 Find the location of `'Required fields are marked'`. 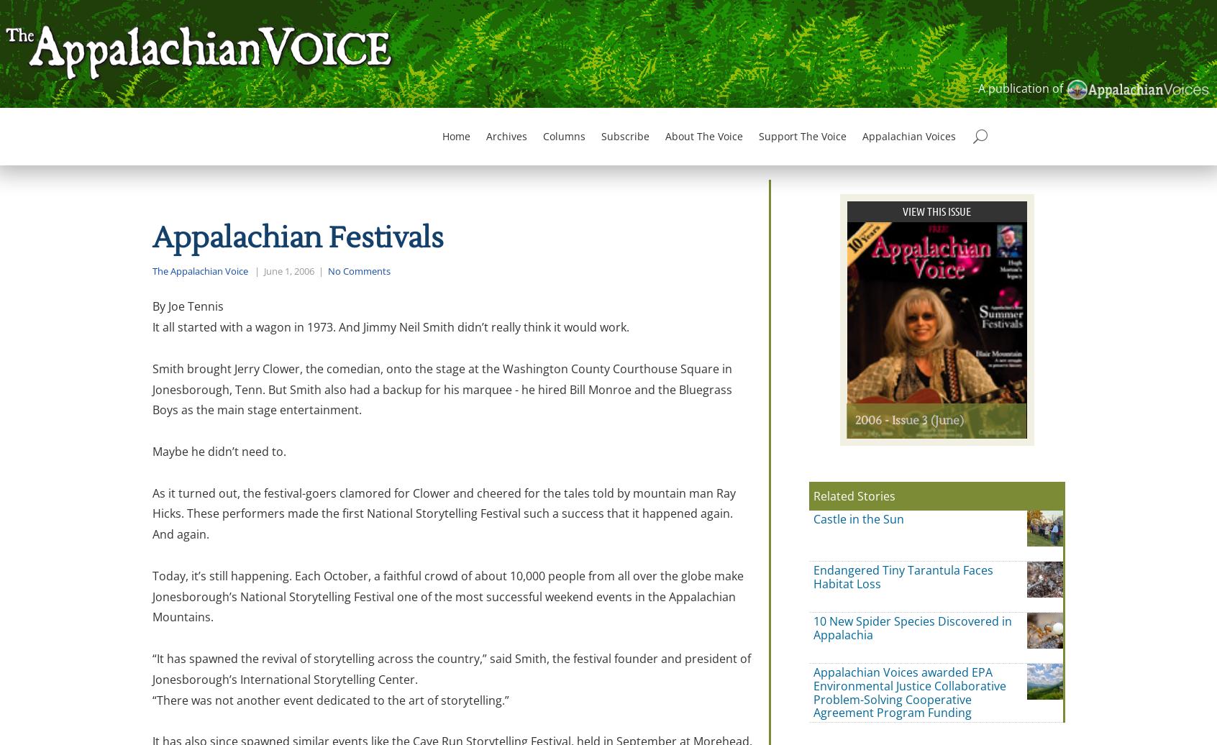

'Required fields are marked' is located at coordinates (481, 607).